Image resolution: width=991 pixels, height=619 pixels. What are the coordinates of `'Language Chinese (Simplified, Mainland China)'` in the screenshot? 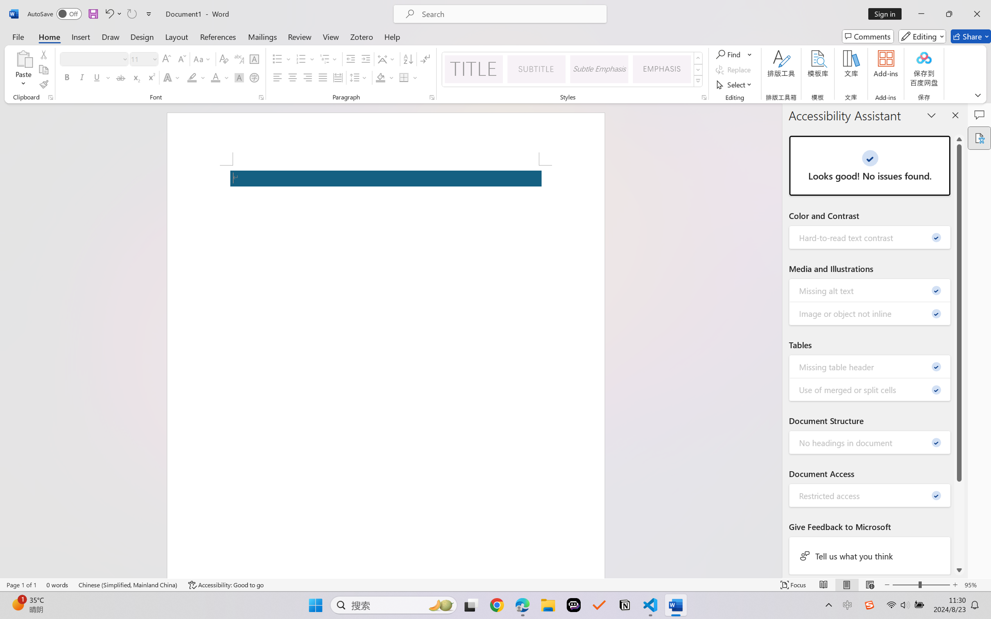 It's located at (128, 585).